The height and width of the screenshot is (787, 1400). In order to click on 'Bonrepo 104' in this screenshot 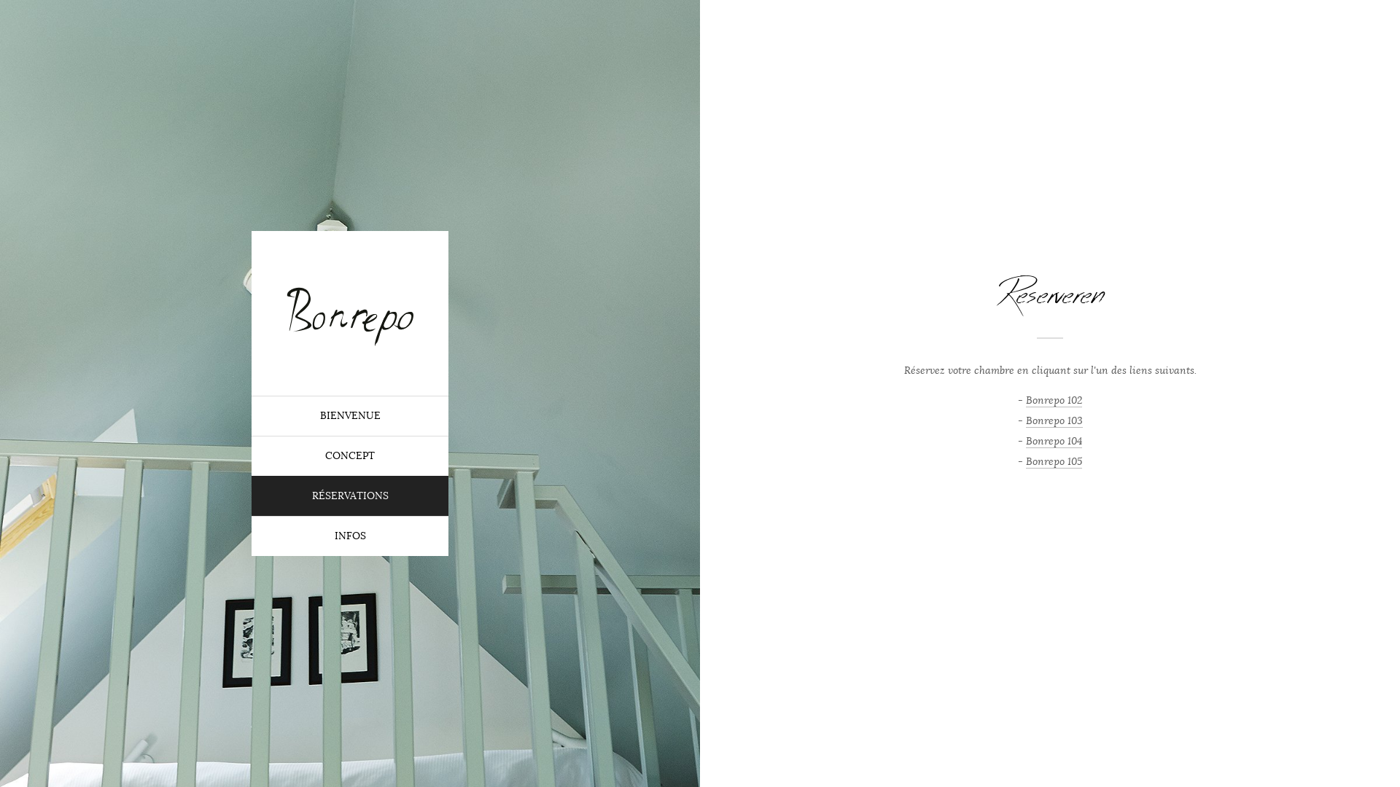, I will do `click(1024, 440)`.